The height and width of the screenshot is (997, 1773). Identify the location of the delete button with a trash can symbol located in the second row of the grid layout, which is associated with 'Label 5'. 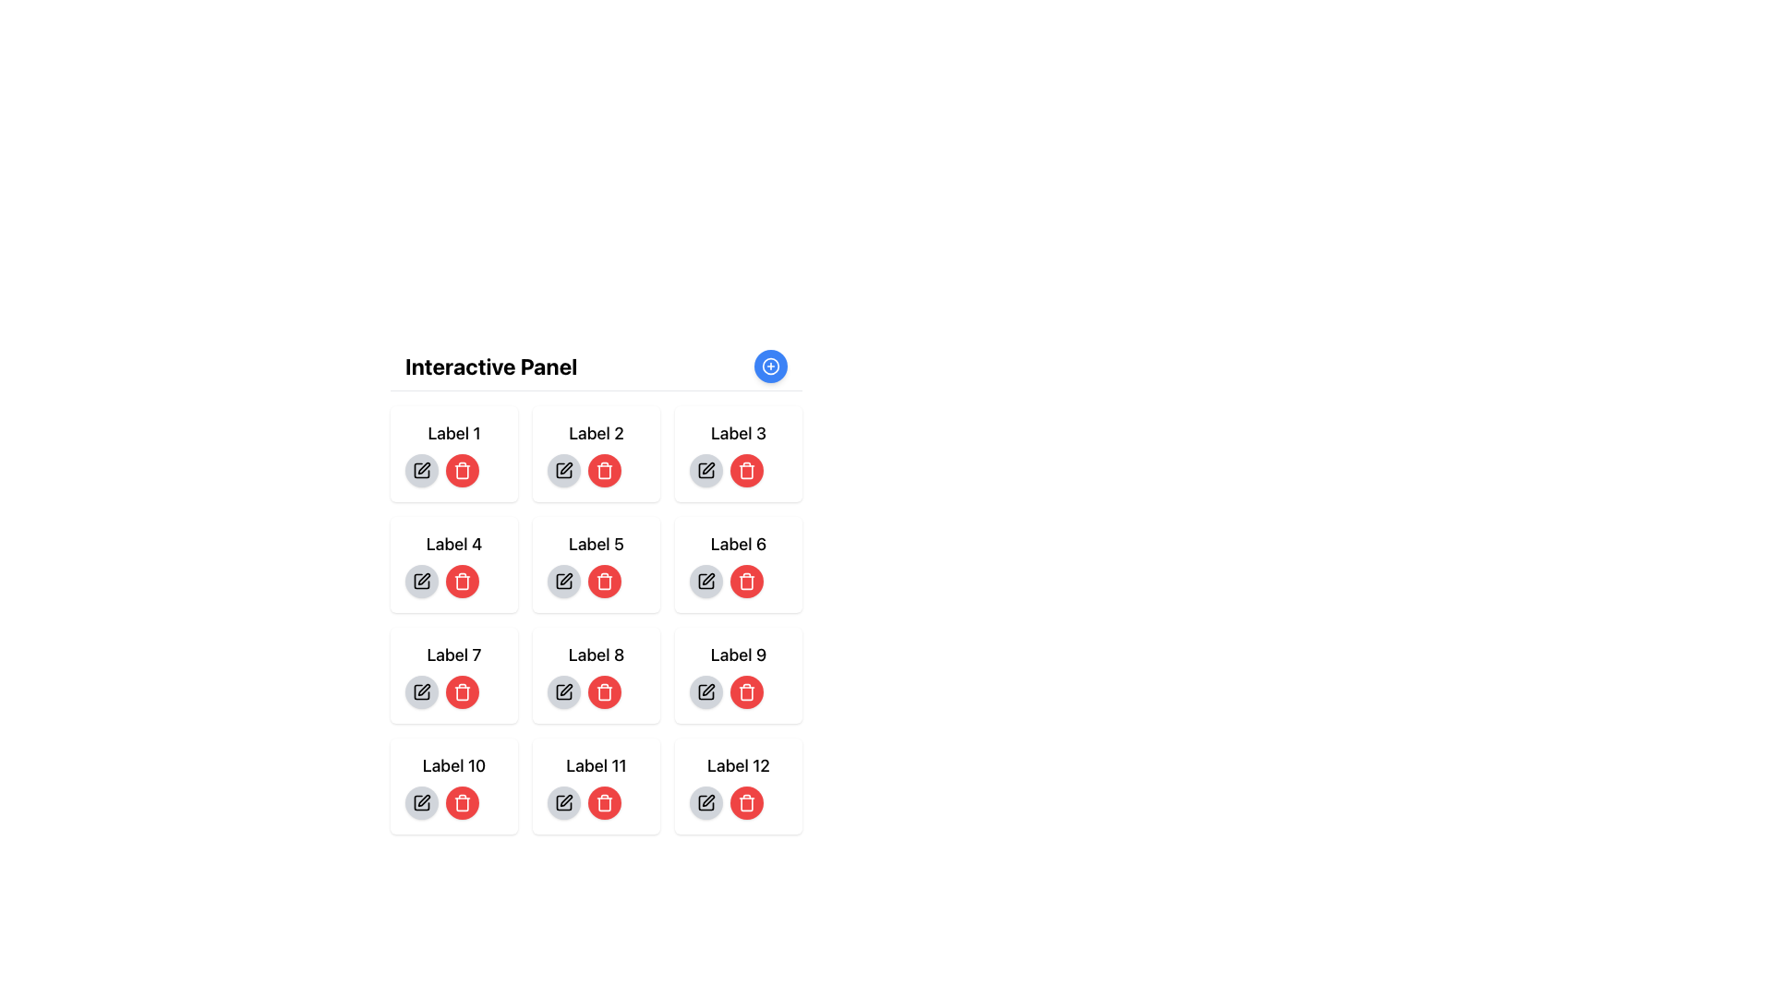
(604, 580).